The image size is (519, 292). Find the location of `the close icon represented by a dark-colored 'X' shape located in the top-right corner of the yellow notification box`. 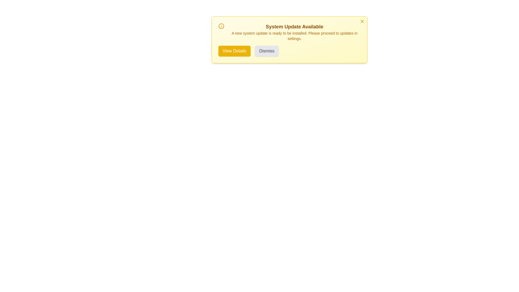

the close icon represented by a dark-colored 'X' shape located in the top-right corner of the yellow notification box is located at coordinates (362, 21).